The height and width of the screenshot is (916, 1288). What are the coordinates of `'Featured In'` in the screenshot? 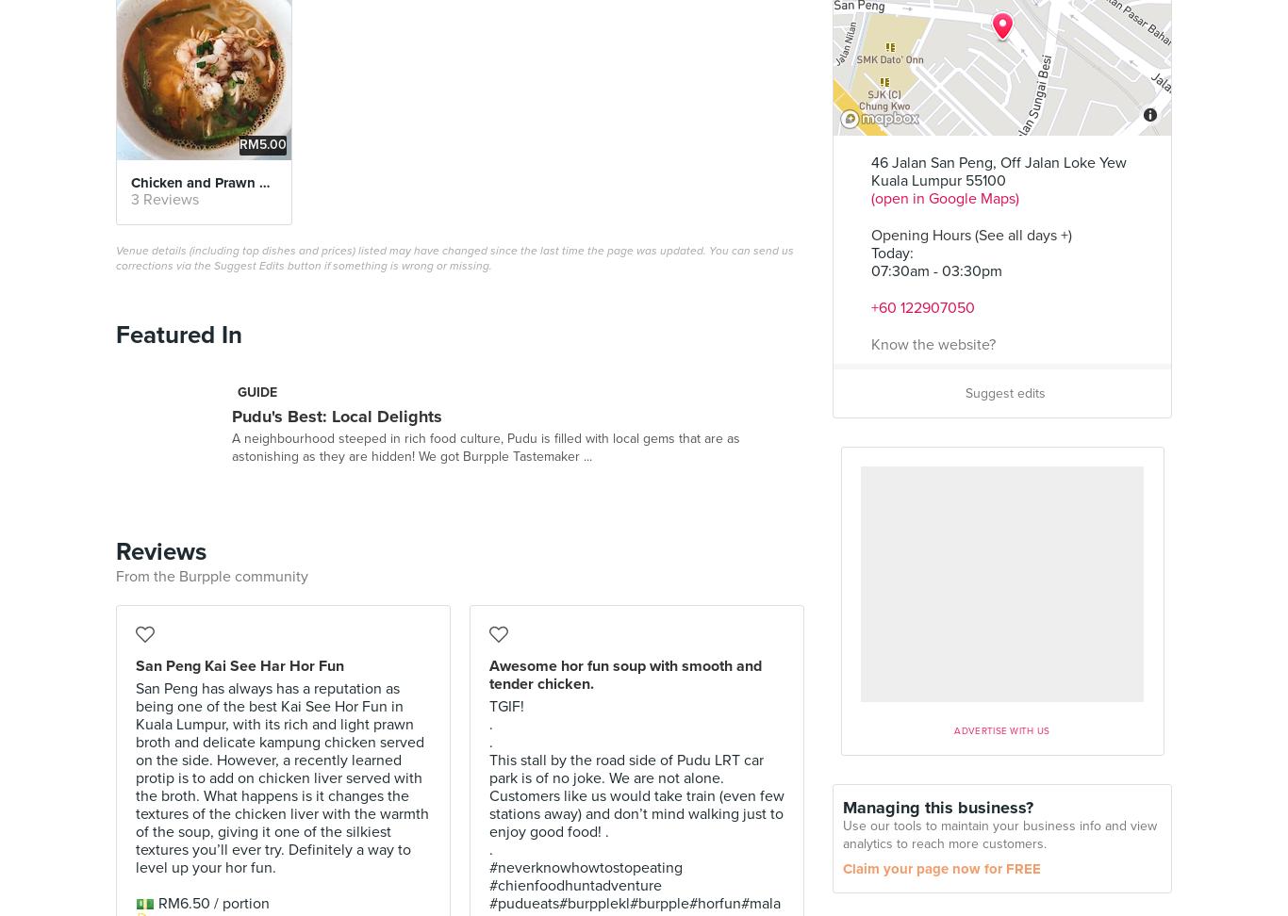 It's located at (178, 334).